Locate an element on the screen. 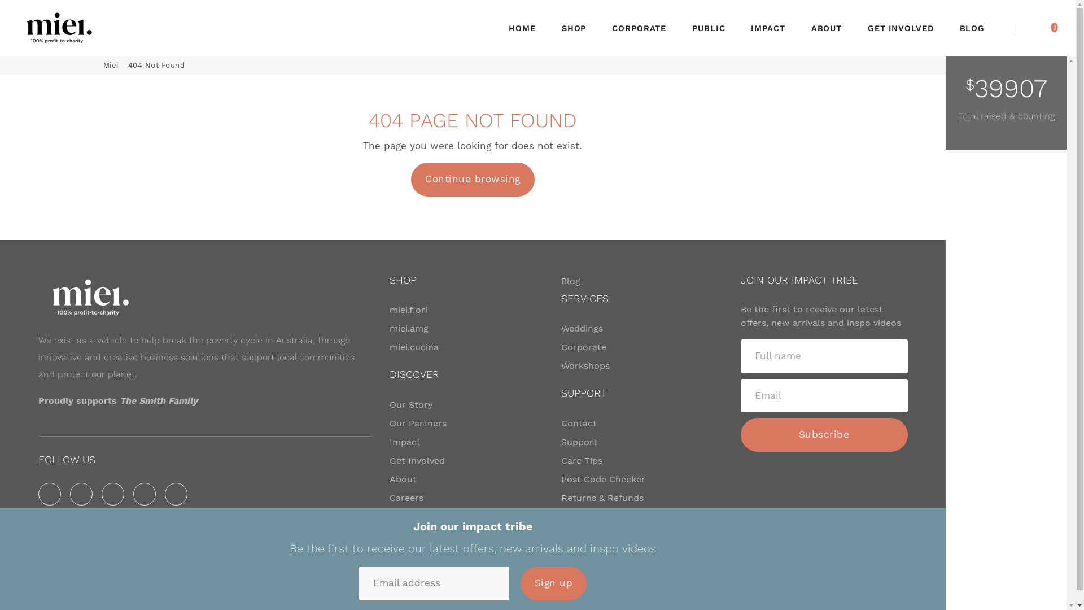 This screenshot has width=1084, height=610. 'Get Involved' is located at coordinates (417, 461).